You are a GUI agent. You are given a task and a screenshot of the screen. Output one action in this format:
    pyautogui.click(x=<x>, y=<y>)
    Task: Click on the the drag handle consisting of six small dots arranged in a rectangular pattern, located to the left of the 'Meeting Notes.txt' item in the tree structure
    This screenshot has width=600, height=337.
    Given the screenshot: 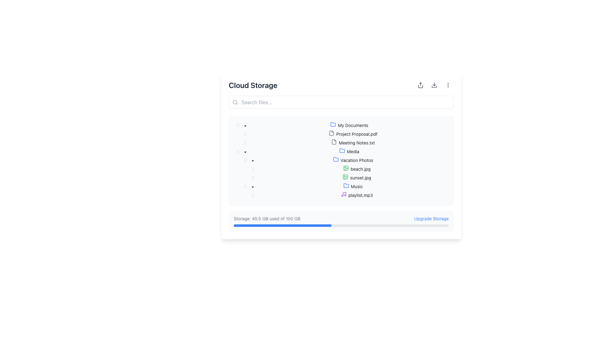 What is the action you would take?
    pyautogui.click(x=245, y=143)
    